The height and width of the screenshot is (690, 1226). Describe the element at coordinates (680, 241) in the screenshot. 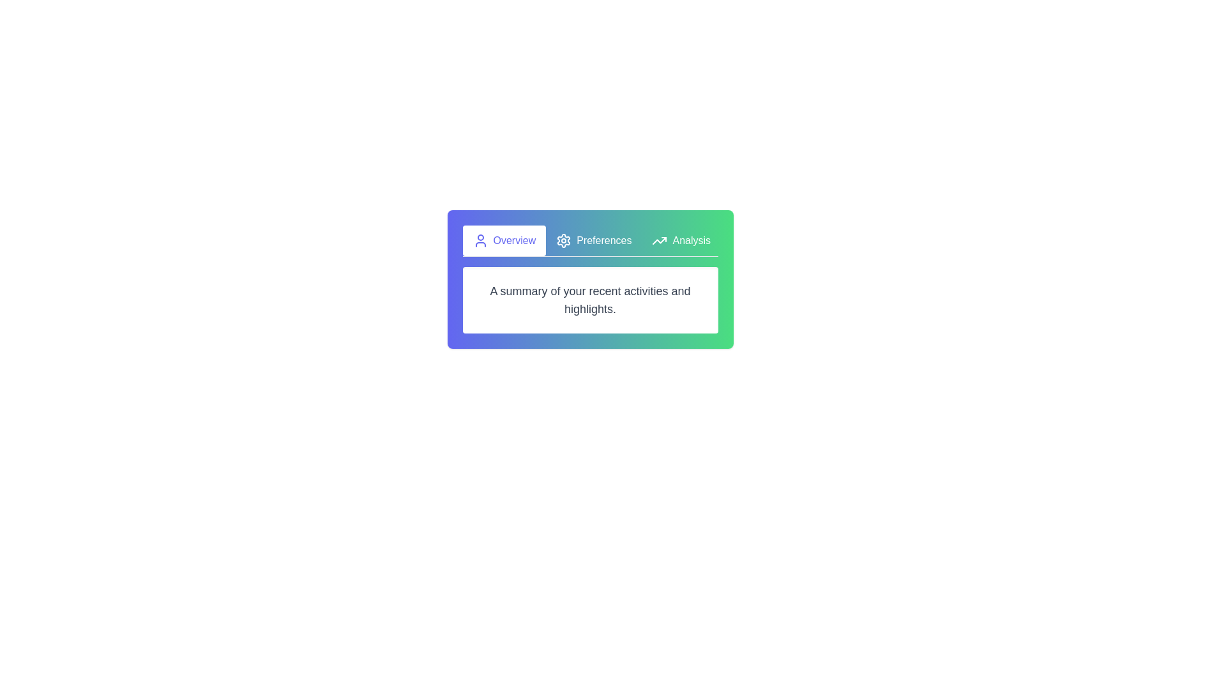

I see `the tab labeled Analysis to observe the visual feedback` at that location.